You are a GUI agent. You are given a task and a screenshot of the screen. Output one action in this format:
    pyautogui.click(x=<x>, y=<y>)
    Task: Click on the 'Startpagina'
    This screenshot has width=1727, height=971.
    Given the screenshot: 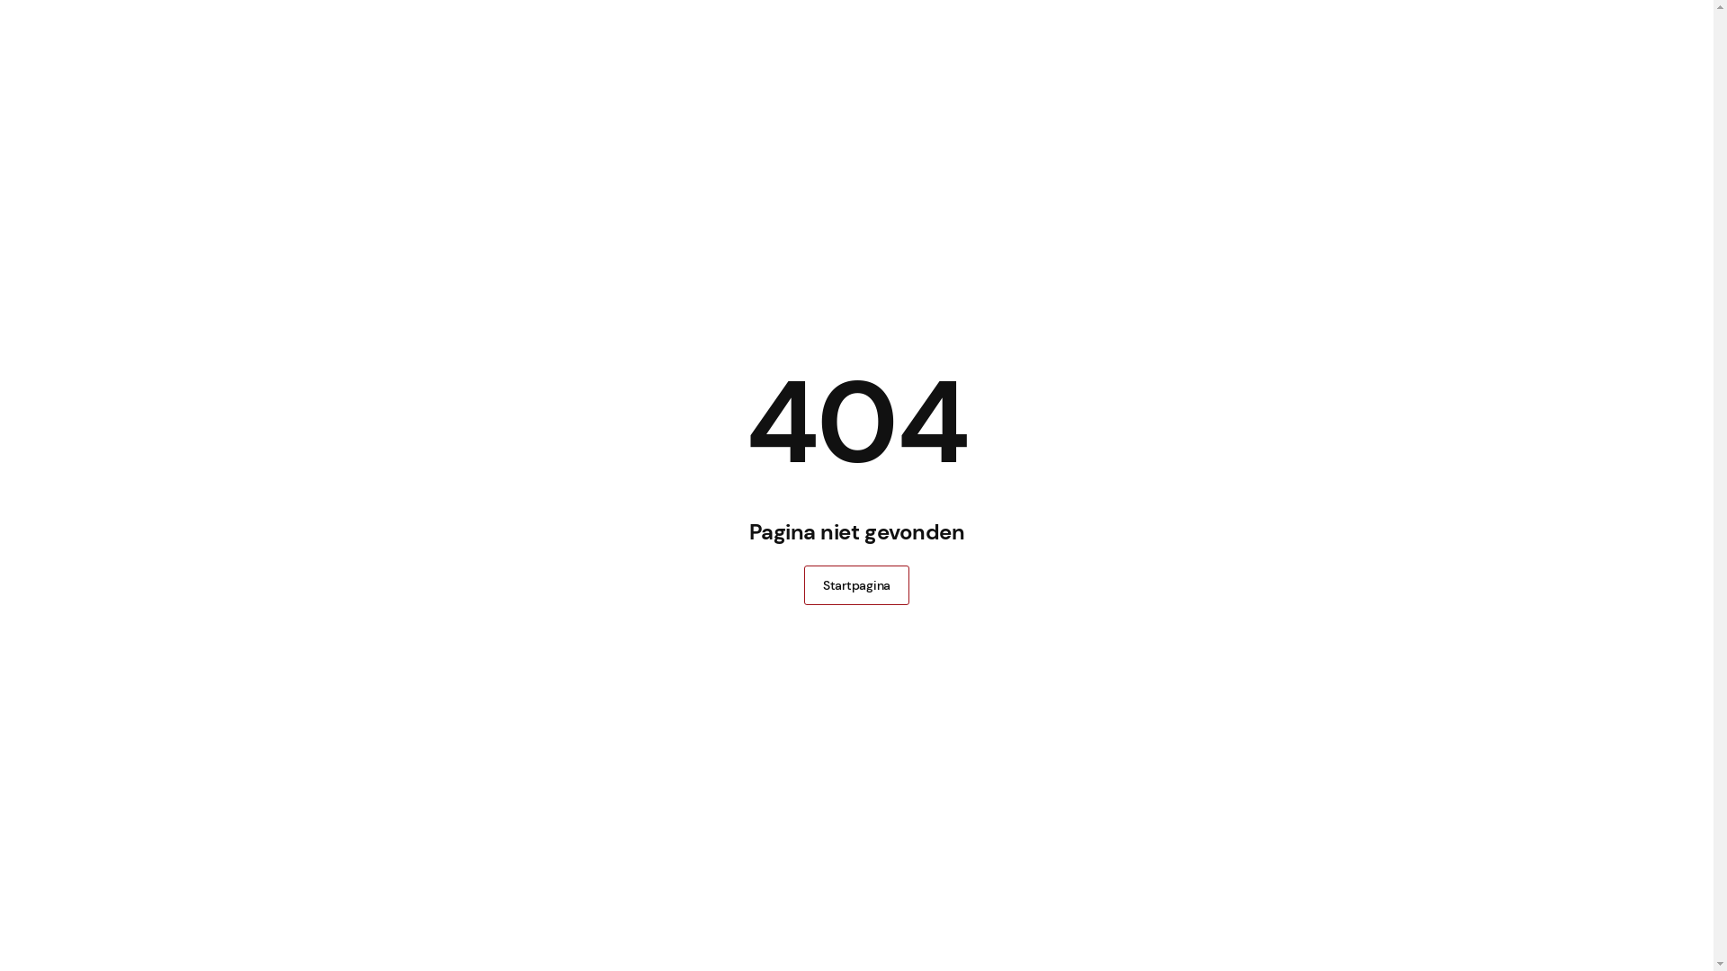 What is the action you would take?
    pyautogui.click(x=802, y=585)
    